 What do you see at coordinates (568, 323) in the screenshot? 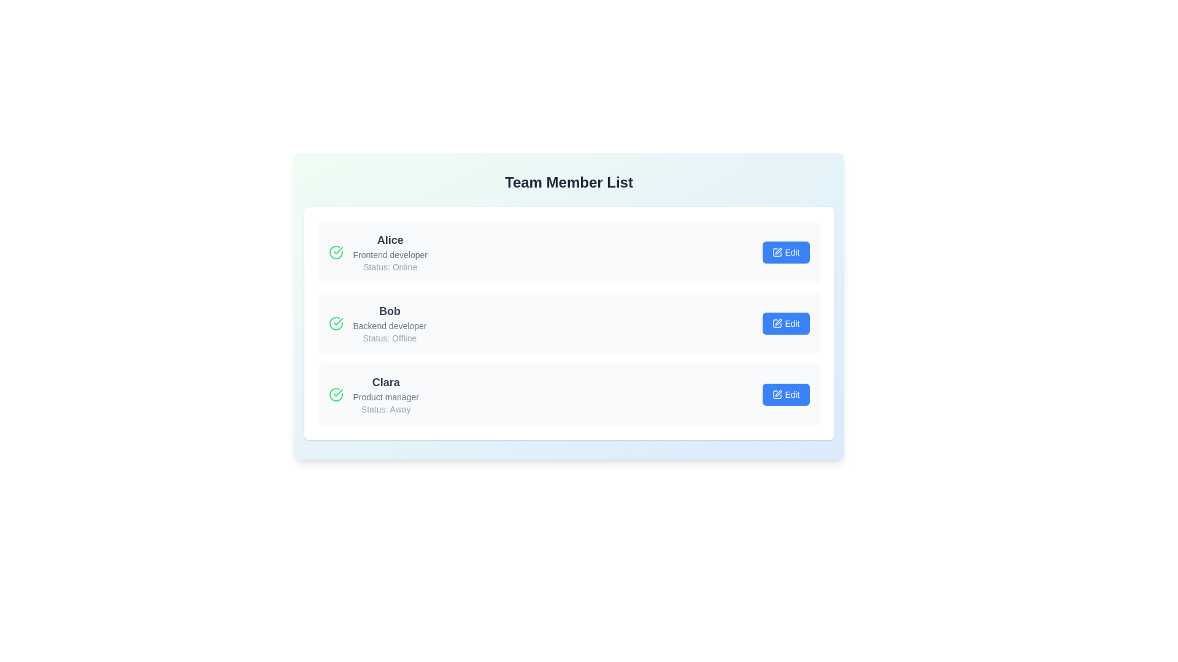
I see `the user item corresponding to Bob` at bounding box center [568, 323].